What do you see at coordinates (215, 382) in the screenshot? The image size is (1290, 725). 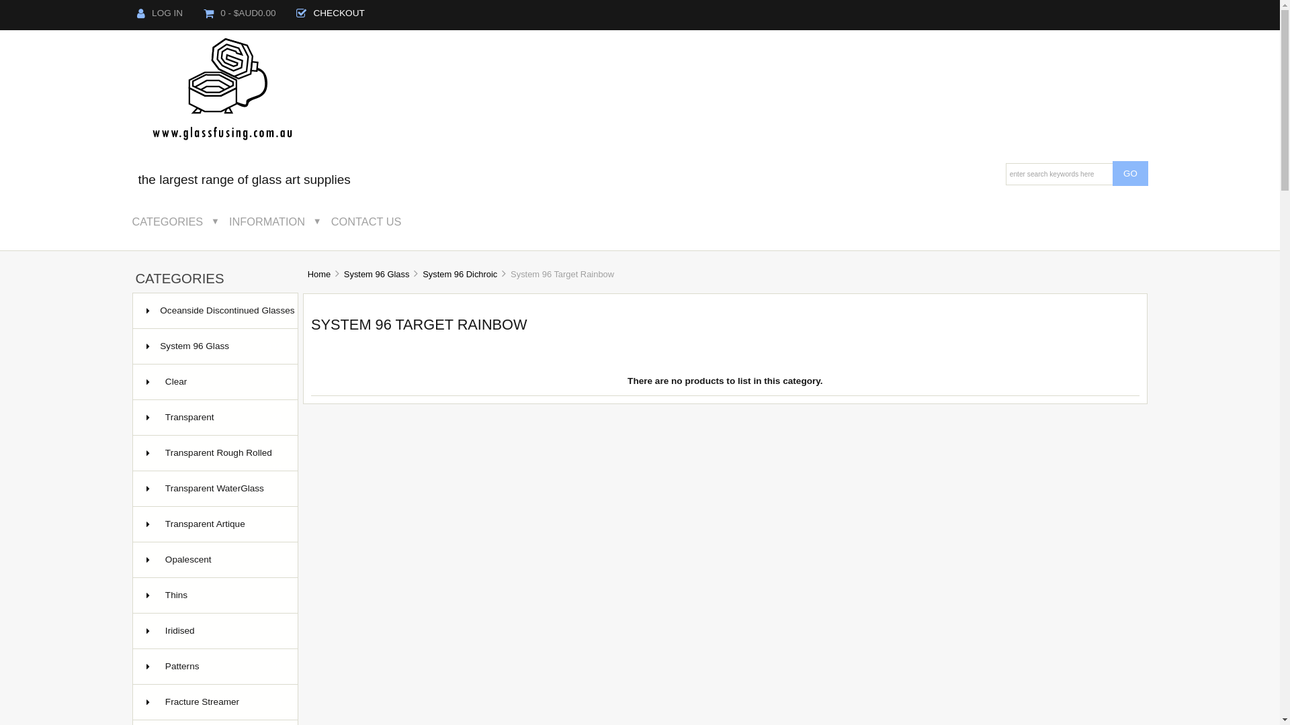 I see `'  Clear` at bounding box center [215, 382].